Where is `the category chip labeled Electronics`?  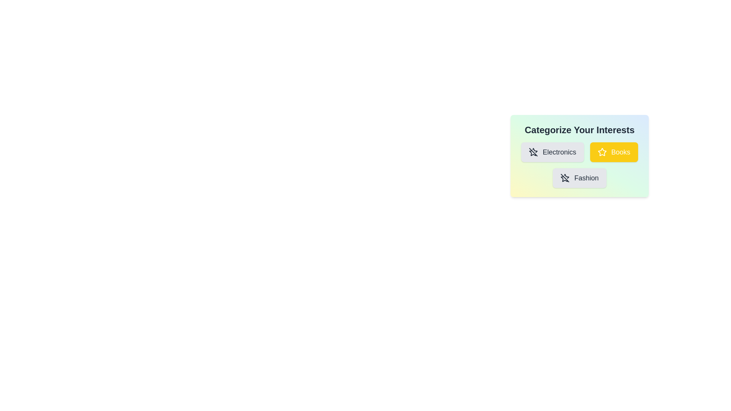
the category chip labeled Electronics is located at coordinates (552, 152).